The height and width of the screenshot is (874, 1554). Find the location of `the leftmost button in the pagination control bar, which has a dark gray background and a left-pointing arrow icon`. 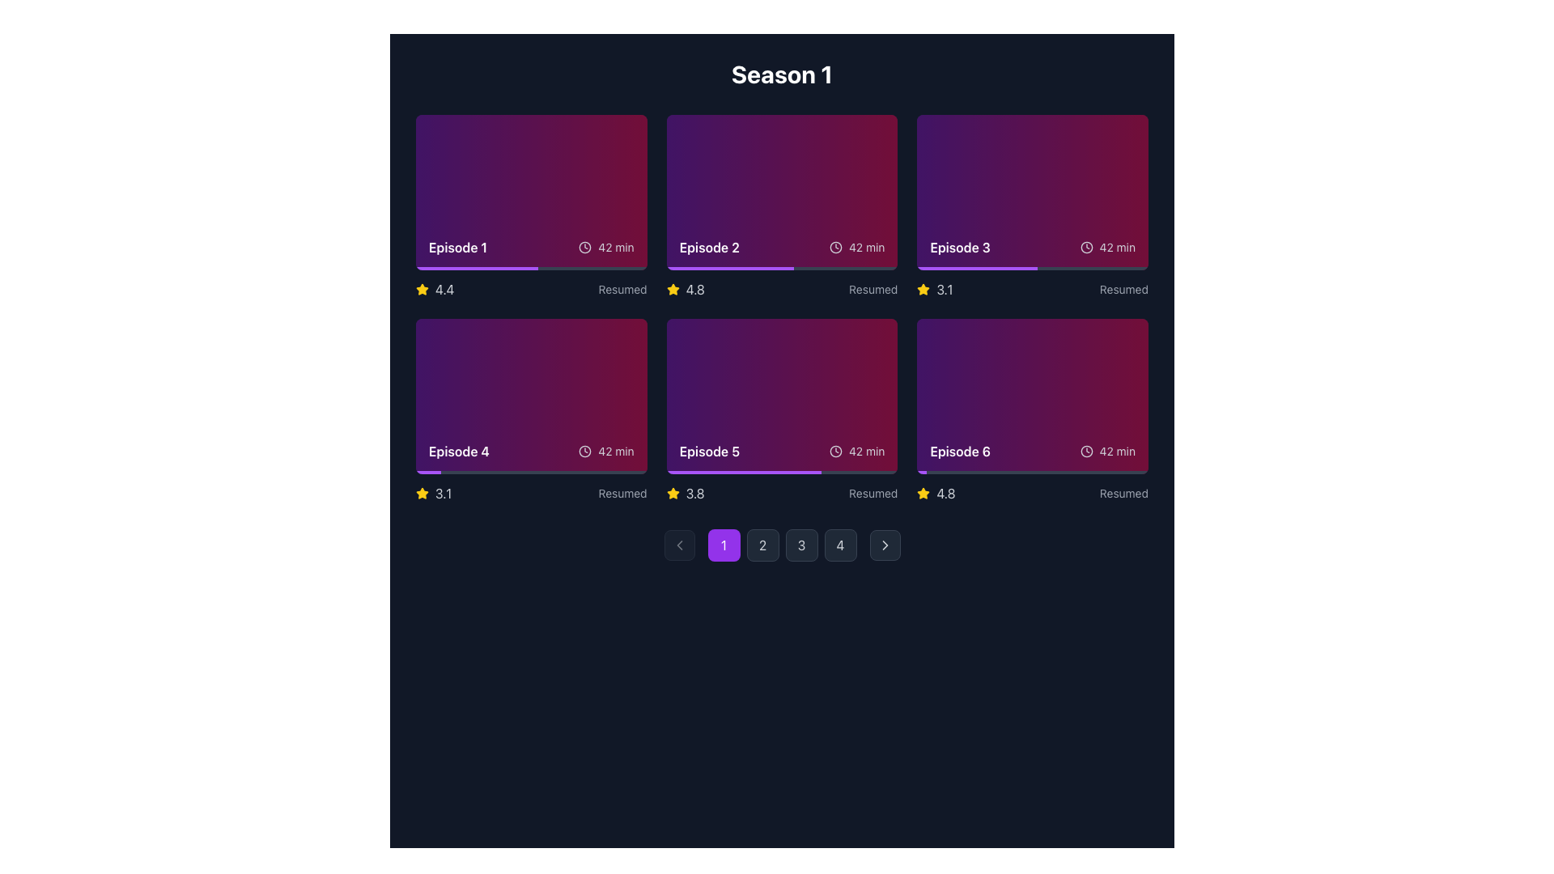

the leftmost button in the pagination control bar, which has a dark gray background and a left-pointing arrow icon is located at coordinates (679, 545).